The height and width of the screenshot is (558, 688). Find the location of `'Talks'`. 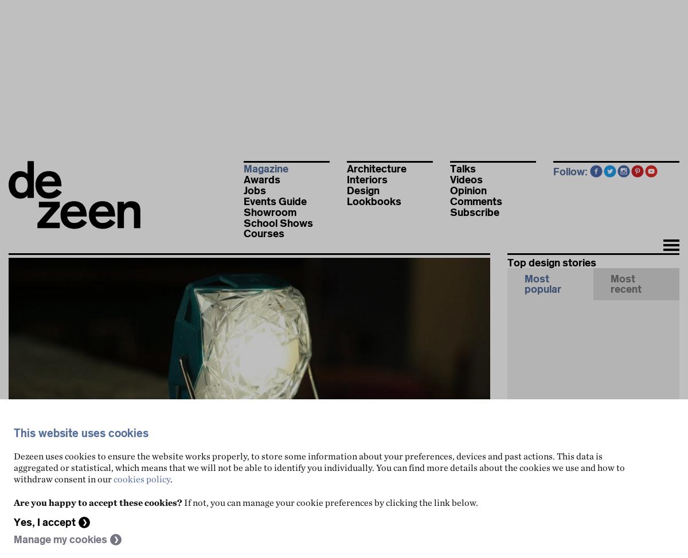

'Talks' is located at coordinates (462, 168).